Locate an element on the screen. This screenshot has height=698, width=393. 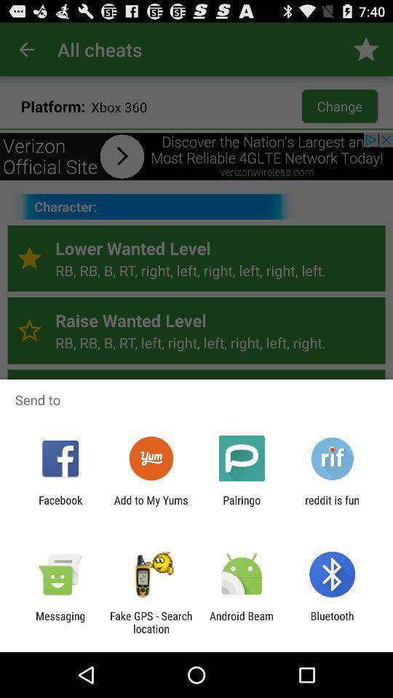
the add to my item is located at coordinates (150, 506).